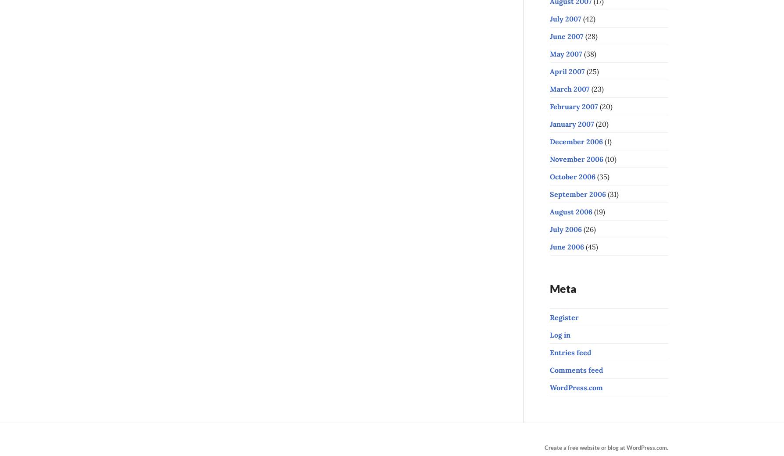  Describe the element at coordinates (576, 158) in the screenshot. I see `'November 2006'` at that location.